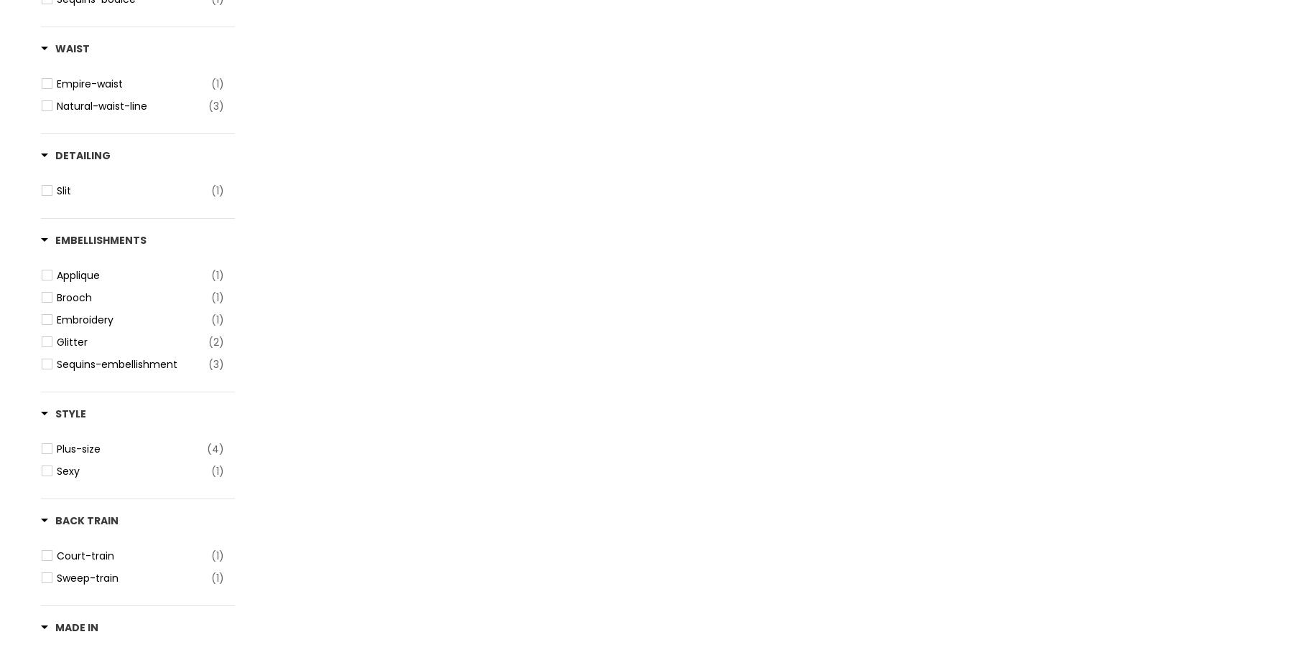 The height and width of the screenshot is (647, 1293). What do you see at coordinates (88, 577) in the screenshot?
I see `'Sweep-train'` at bounding box center [88, 577].